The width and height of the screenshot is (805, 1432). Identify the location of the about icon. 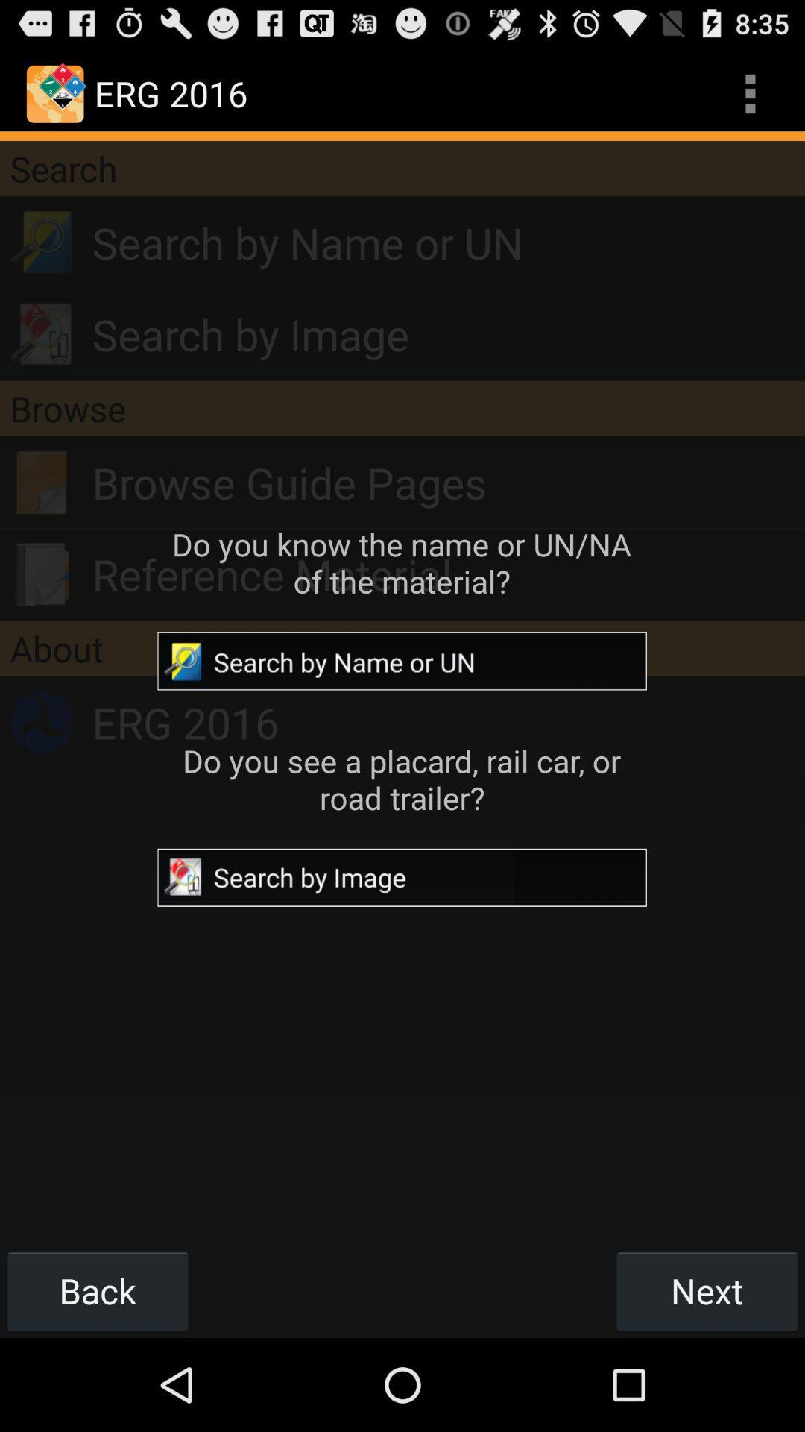
(402, 648).